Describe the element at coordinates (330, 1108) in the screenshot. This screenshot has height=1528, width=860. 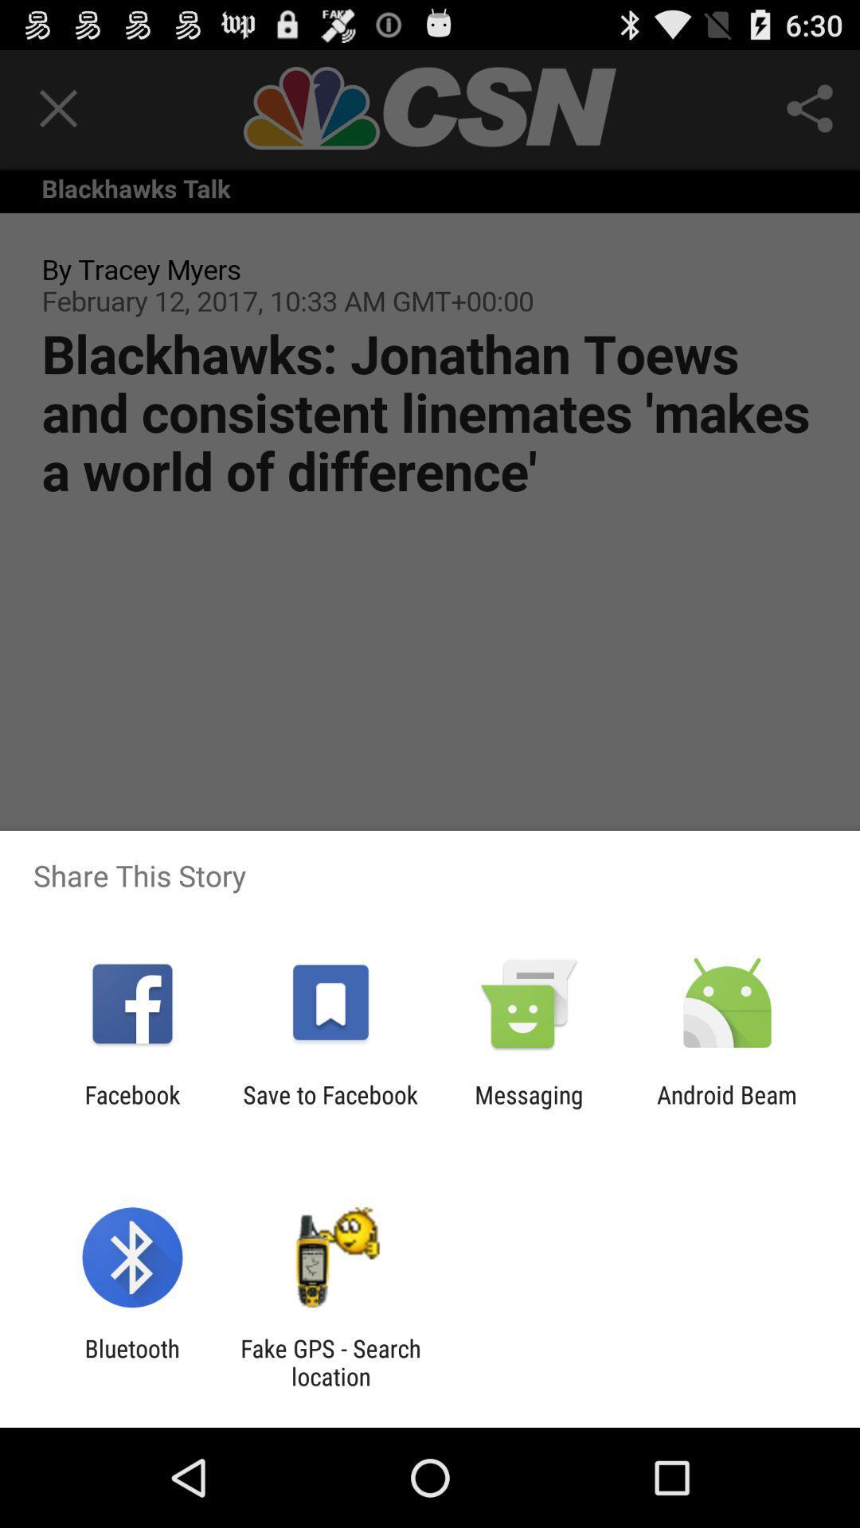
I see `save to facebook` at that location.